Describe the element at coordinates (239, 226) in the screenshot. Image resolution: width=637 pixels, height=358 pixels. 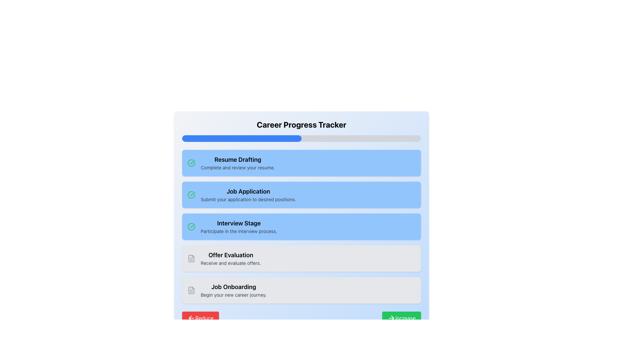
I see `the Text Block that provides information about a specific stage in the career tracking process` at that location.